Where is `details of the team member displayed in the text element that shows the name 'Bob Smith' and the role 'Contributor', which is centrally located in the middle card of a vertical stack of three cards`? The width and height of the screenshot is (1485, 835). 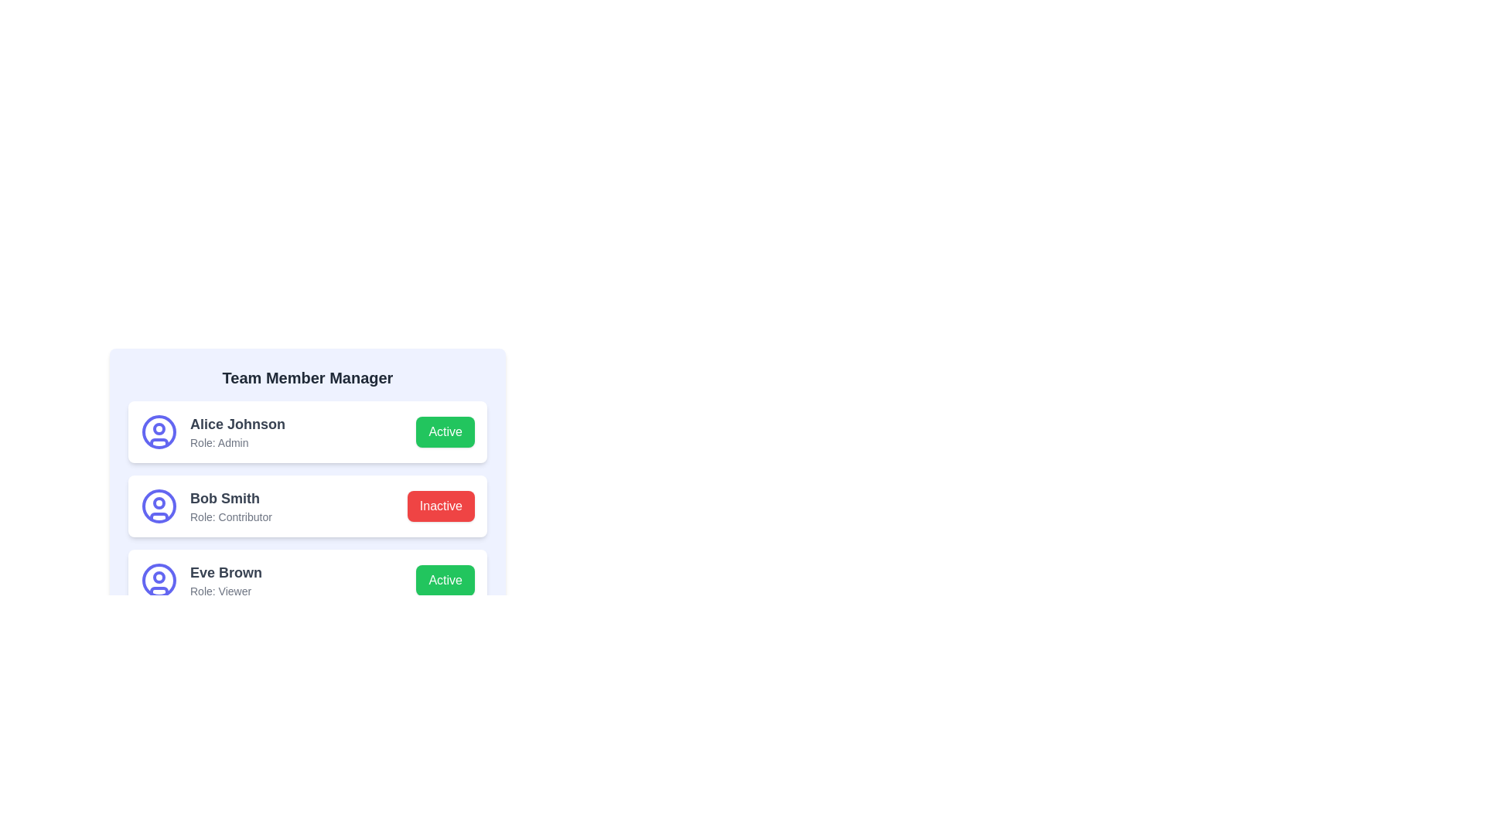 details of the team member displayed in the text element that shows the name 'Bob Smith' and the role 'Contributor', which is centrally located in the middle card of a vertical stack of three cards is located at coordinates (230, 506).